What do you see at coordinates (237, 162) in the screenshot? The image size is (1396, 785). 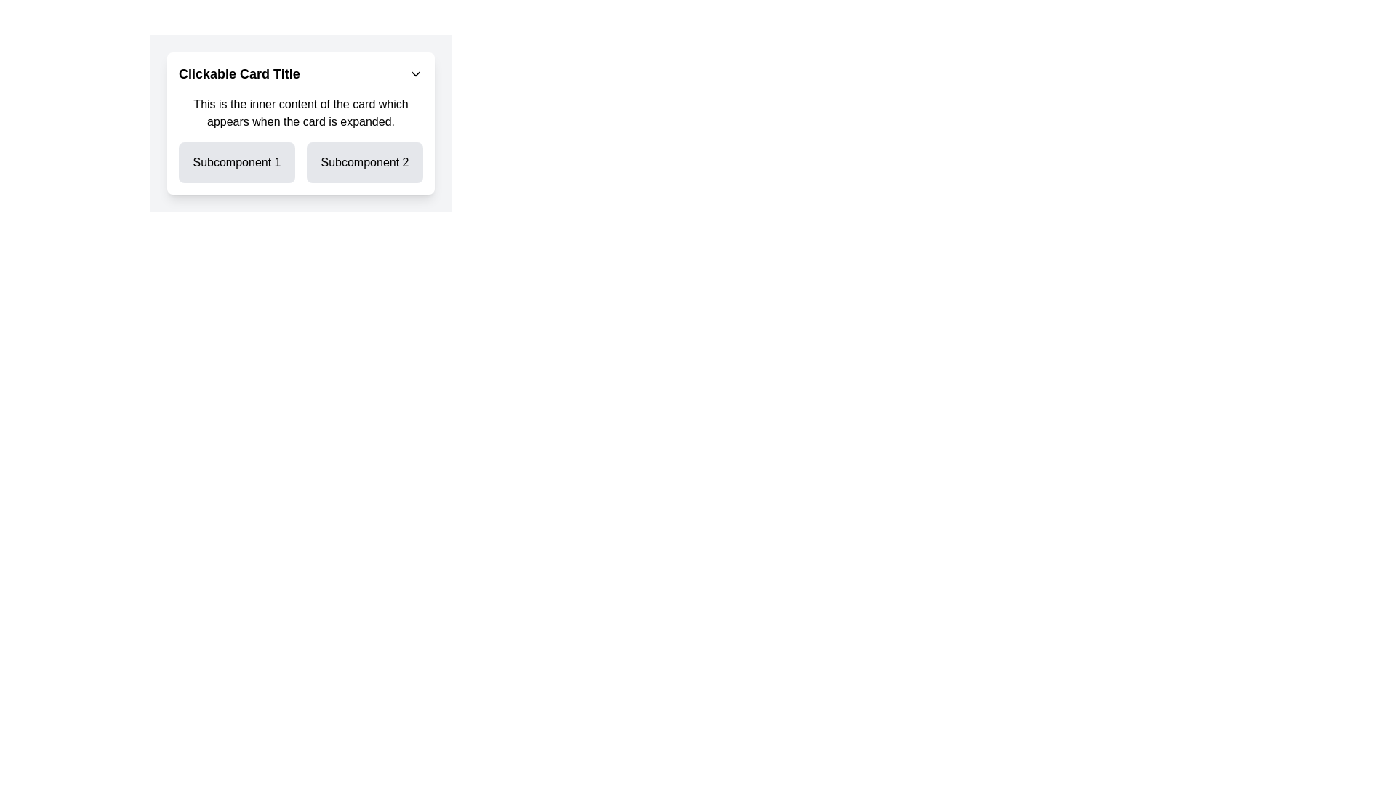 I see `the Static Text Box that serves as a label within the UI card layout, positioned left of 'Subcomponent 2' and below 'Clickable Card Title'` at bounding box center [237, 162].